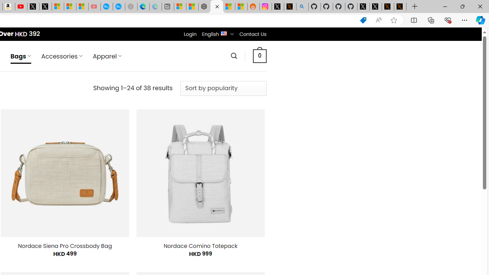 This screenshot has width=489, height=275. Describe the element at coordinates (216, 6) in the screenshot. I see `'Nordace - Bags'` at that location.